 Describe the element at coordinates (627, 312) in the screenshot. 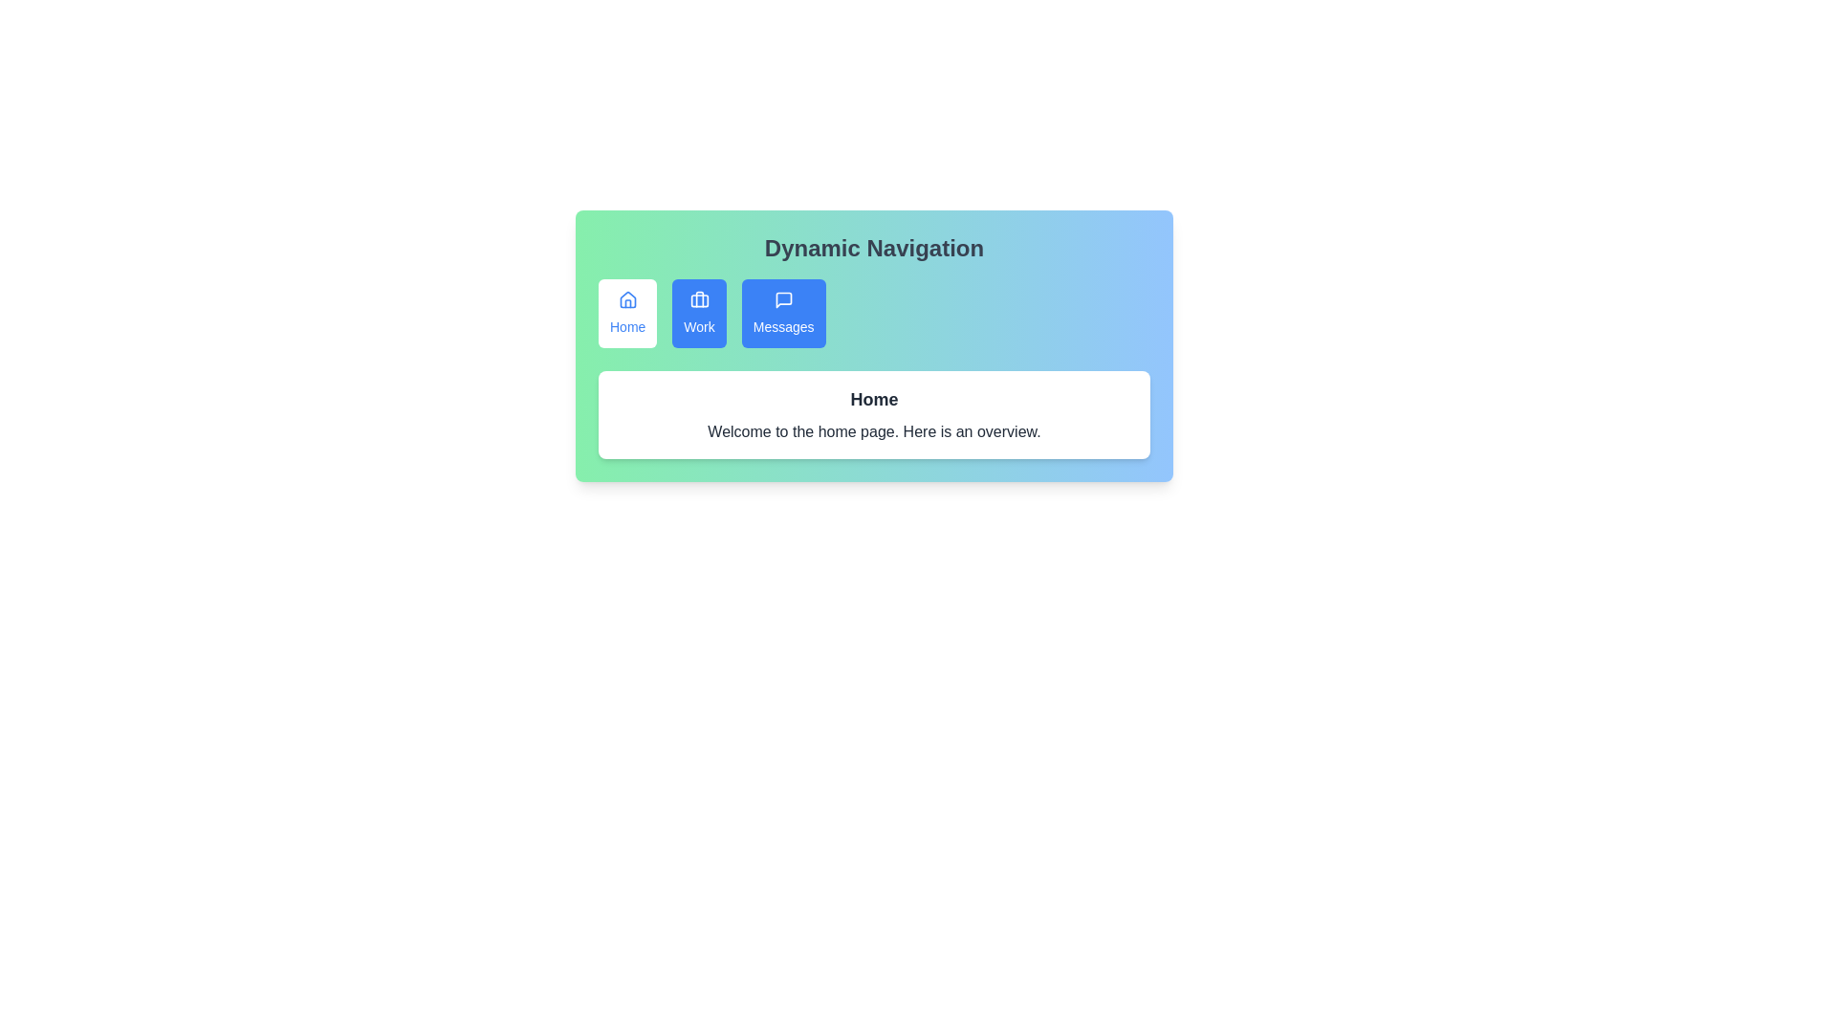

I see `the Home tab to view its content` at that location.